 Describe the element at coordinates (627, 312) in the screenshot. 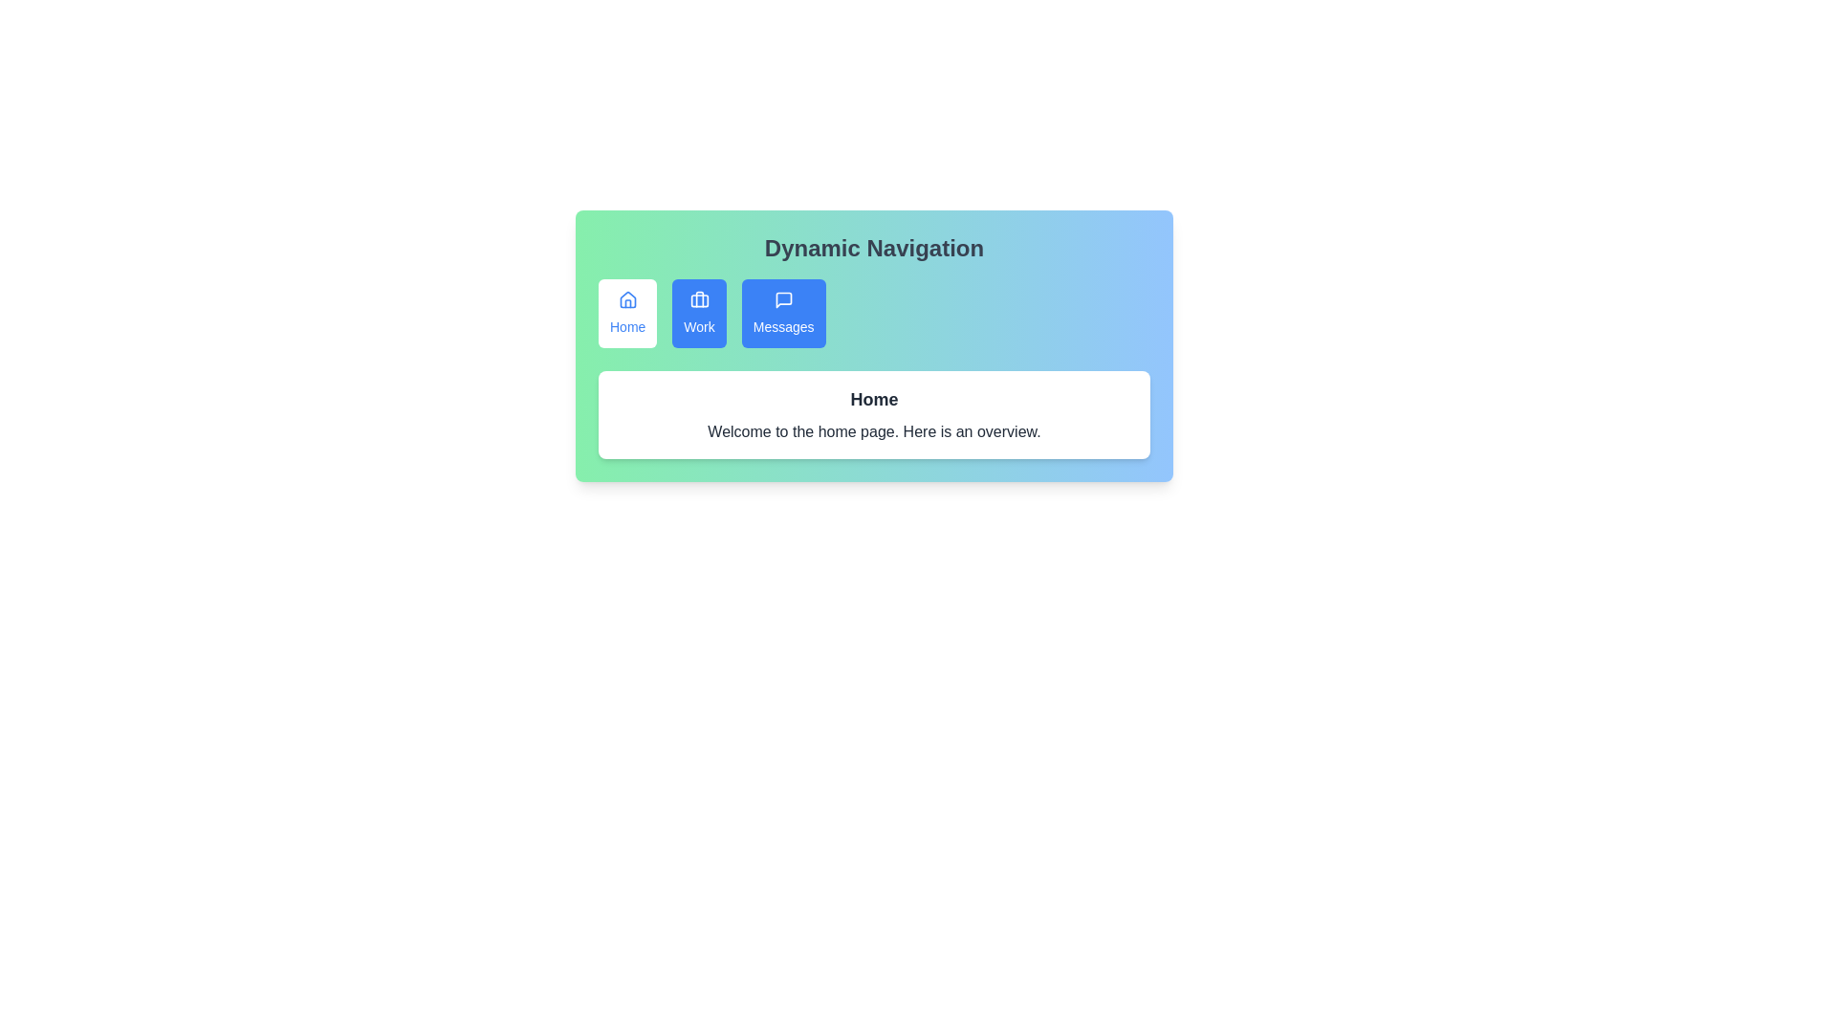

I see `the Home tab to view its content` at that location.